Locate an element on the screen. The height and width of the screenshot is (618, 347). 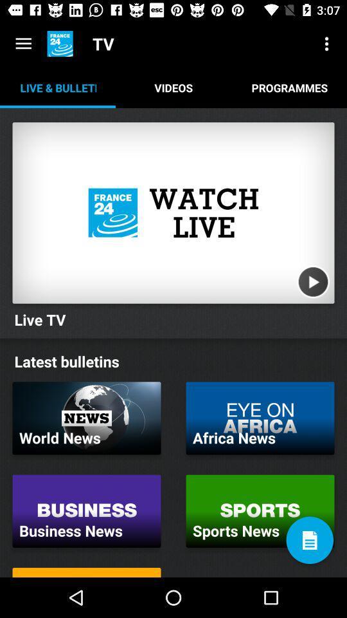
the description icon is located at coordinates (309, 540).